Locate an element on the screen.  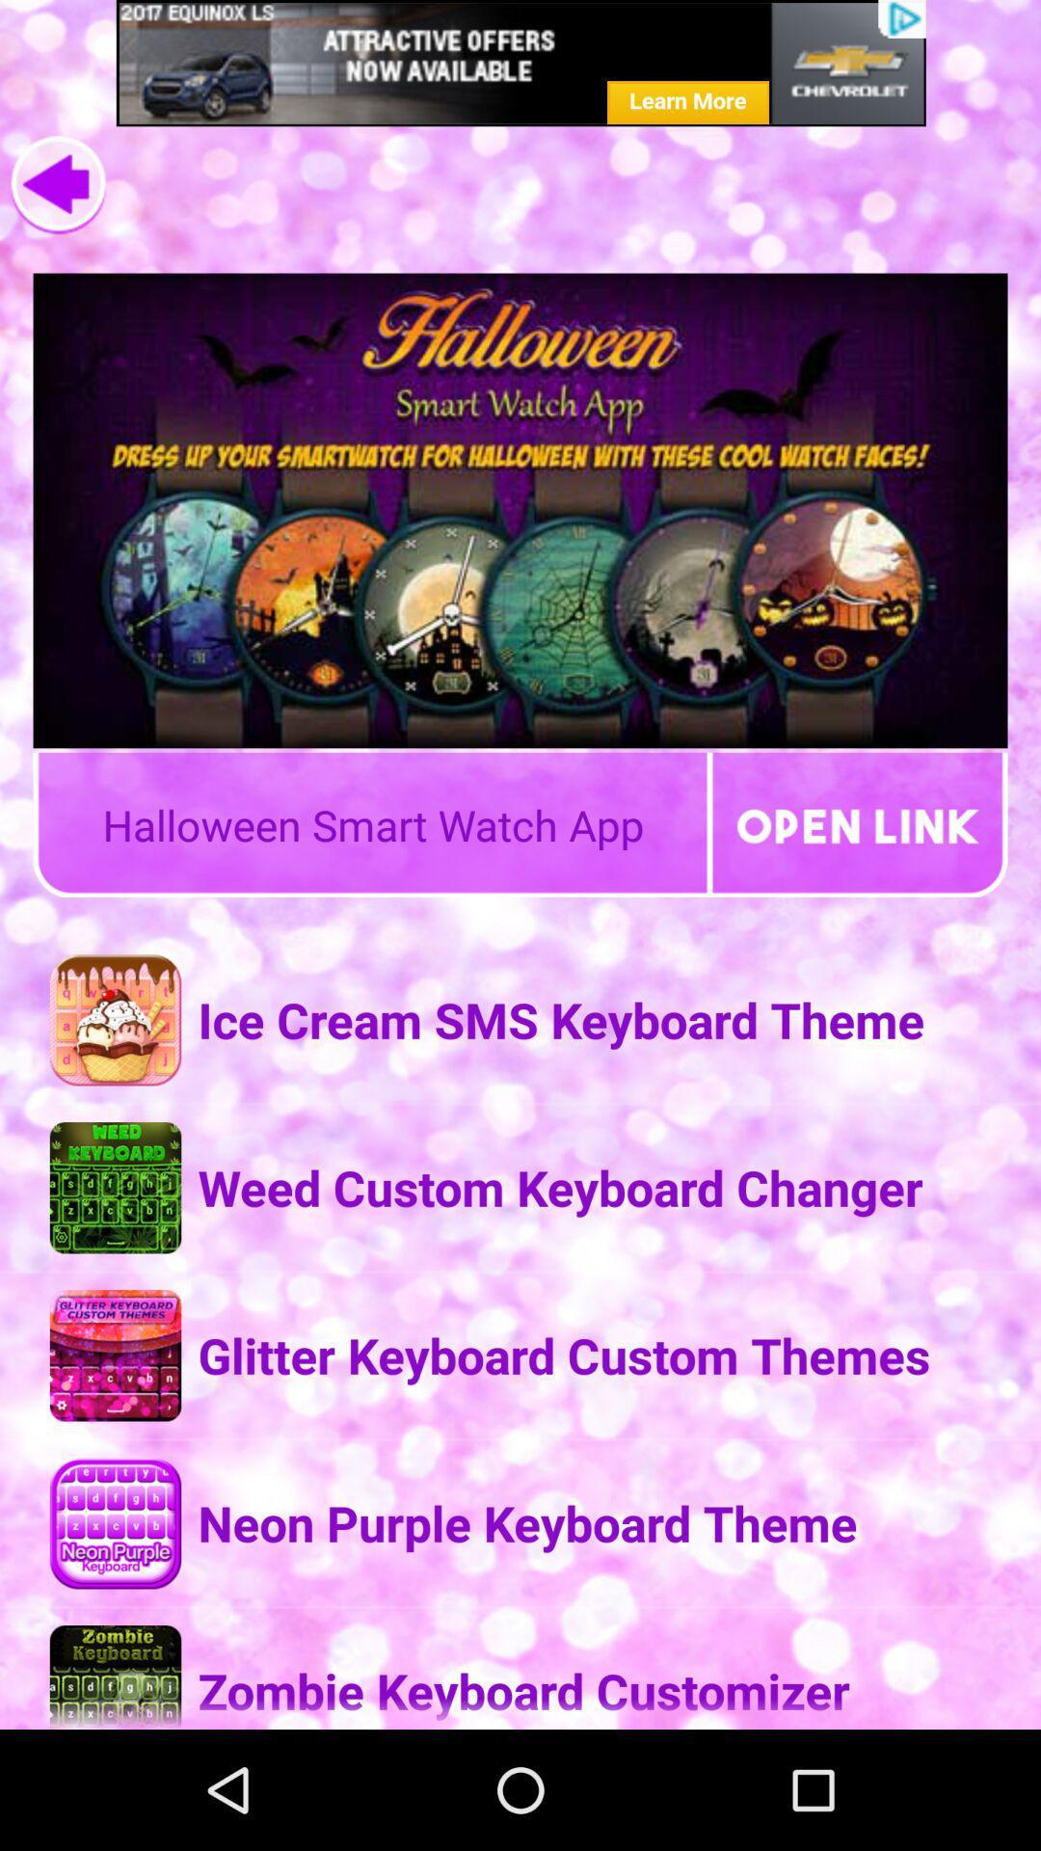
bock button is located at coordinates (57, 185).